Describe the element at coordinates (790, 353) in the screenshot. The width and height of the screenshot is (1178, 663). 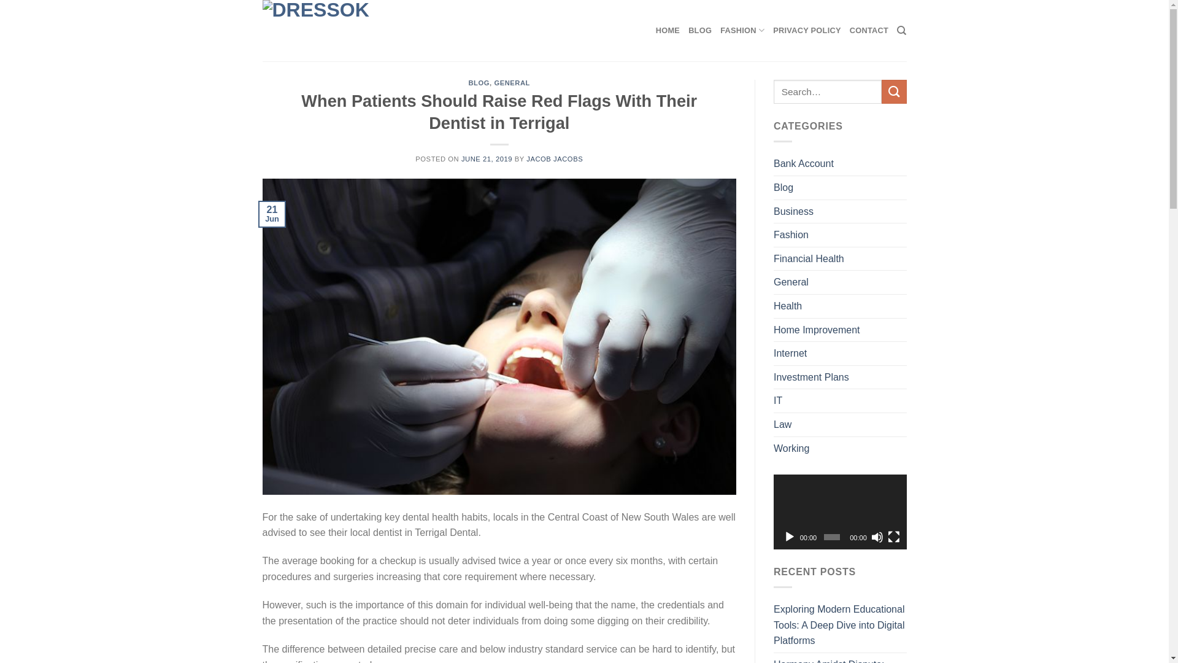
I see `'Internet'` at that location.